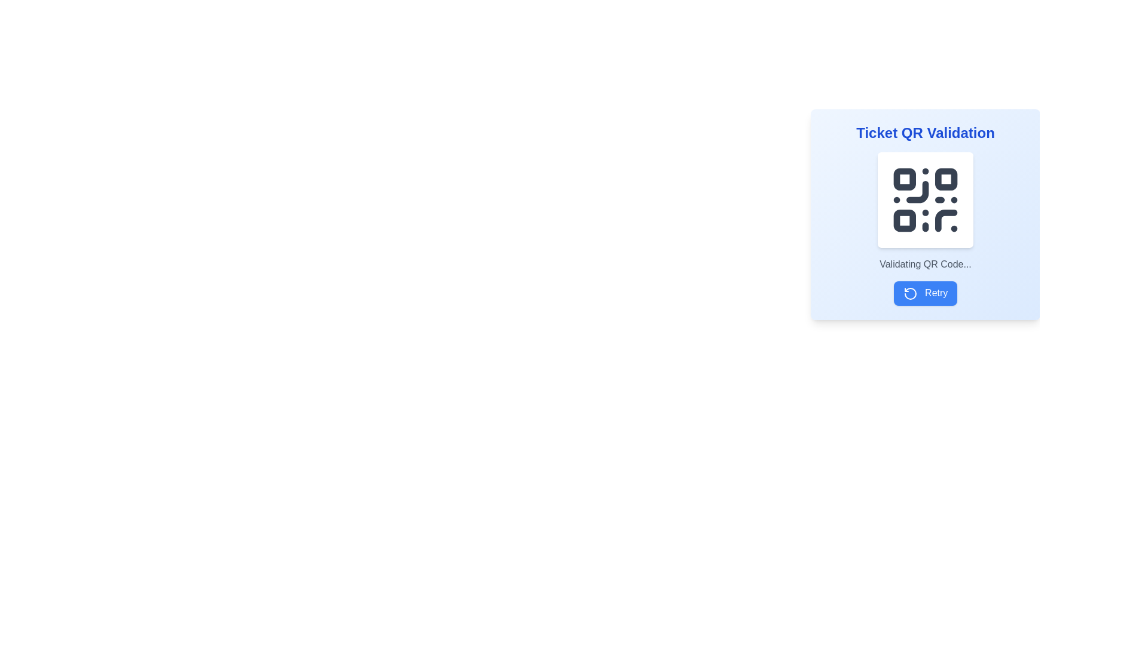 This screenshot has width=1148, height=645. Describe the element at coordinates (909, 293) in the screenshot. I see `the icon resembling a counter-clockwise rotating arrow within the blue 'Retry' button` at that location.